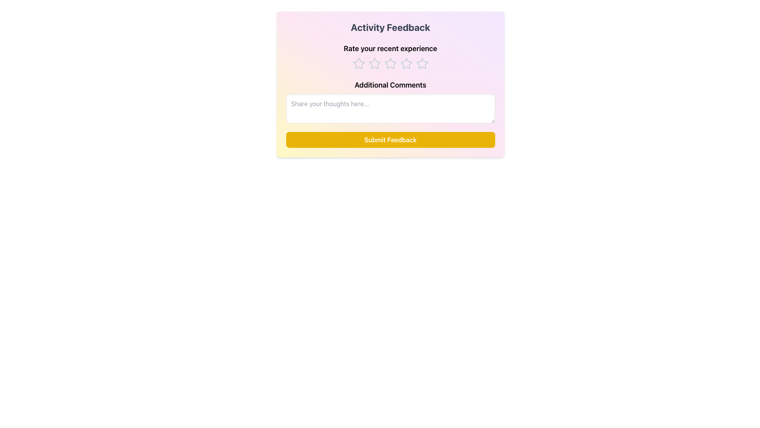  What do you see at coordinates (422, 63) in the screenshot?
I see `the fifth star in the rating system located under the text 'Rate your recent experience'` at bounding box center [422, 63].